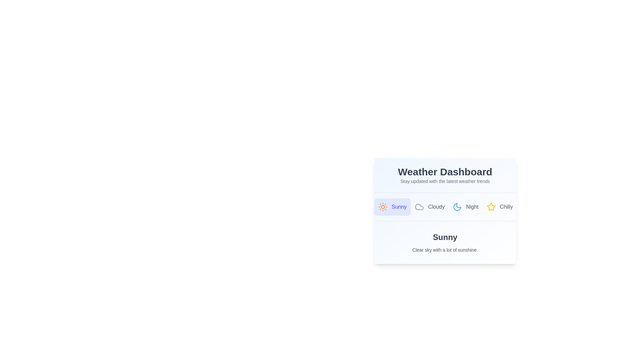 The width and height of the screenshot is (640, 360). What do you see at coordinates (430, 207) in the screenshot?
I see `the Cloudy tab by clicking on its button` at bounding box center [430, 207].